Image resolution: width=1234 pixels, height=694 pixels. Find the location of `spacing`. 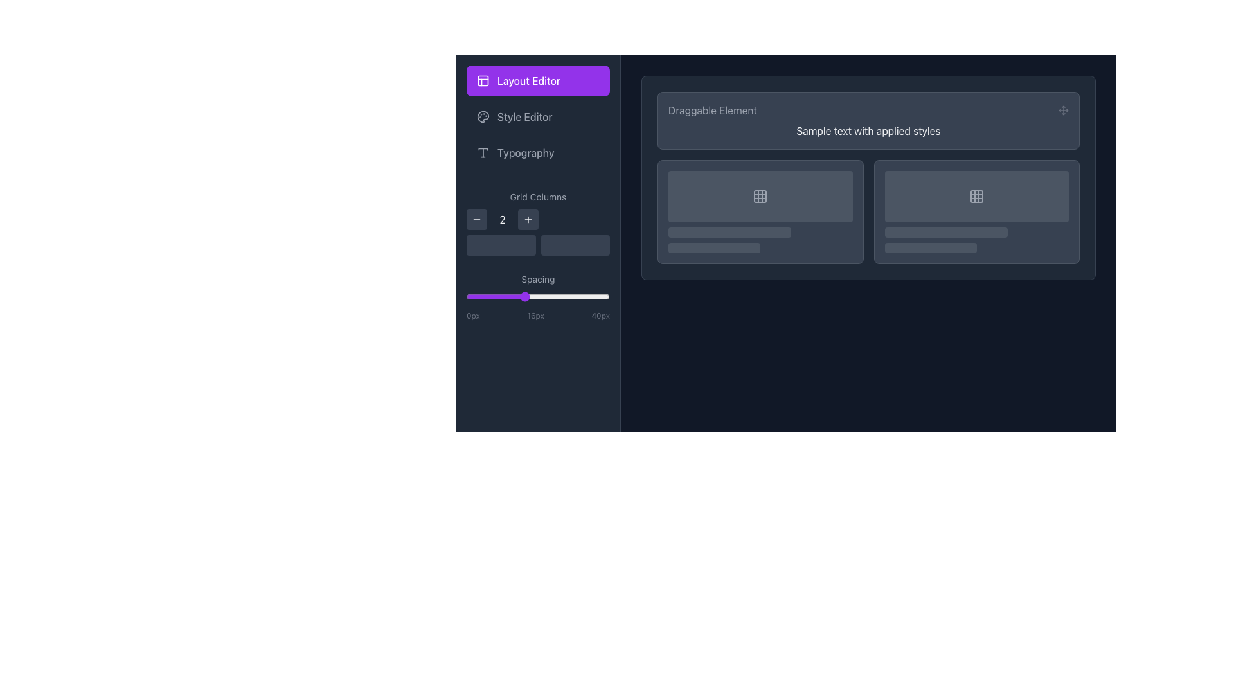

spacing is located at coordinates (501, 297).